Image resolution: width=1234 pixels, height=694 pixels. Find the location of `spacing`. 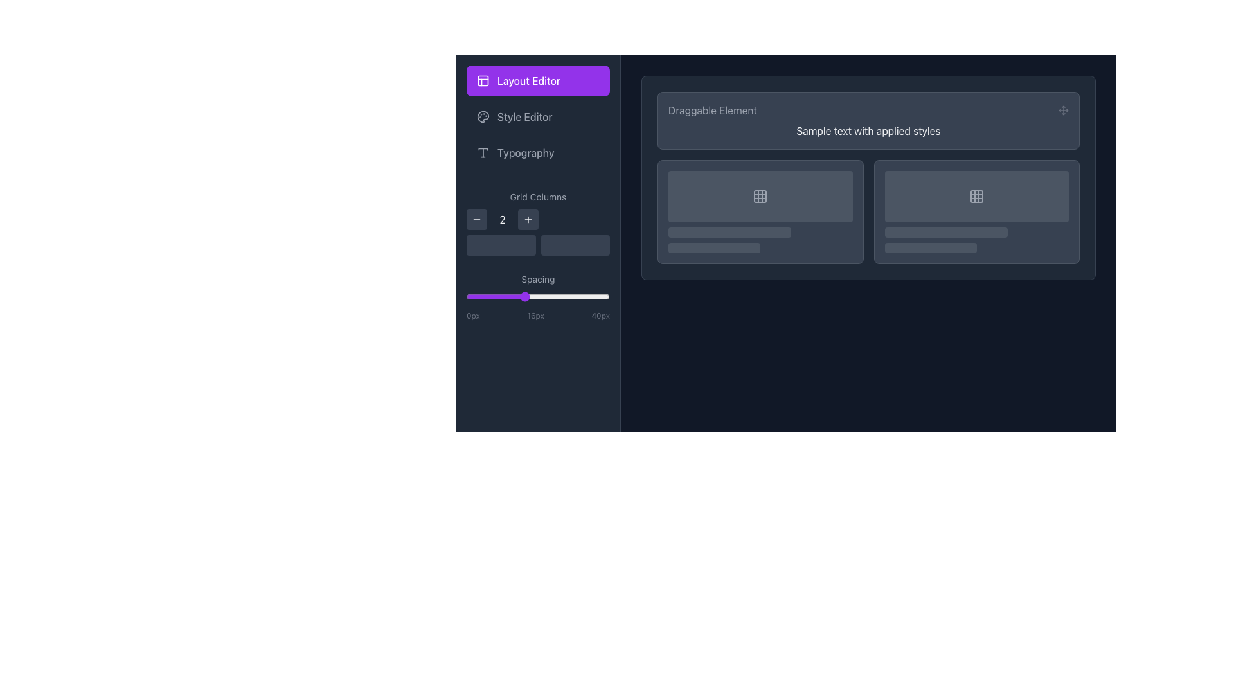

spacing is located at coordinates (501, 297).